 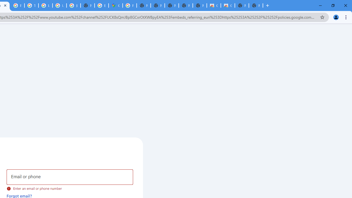 I want to click on 'Tips & tricks for Chrome - Google Chrome Help', so click(x=31, y=5).